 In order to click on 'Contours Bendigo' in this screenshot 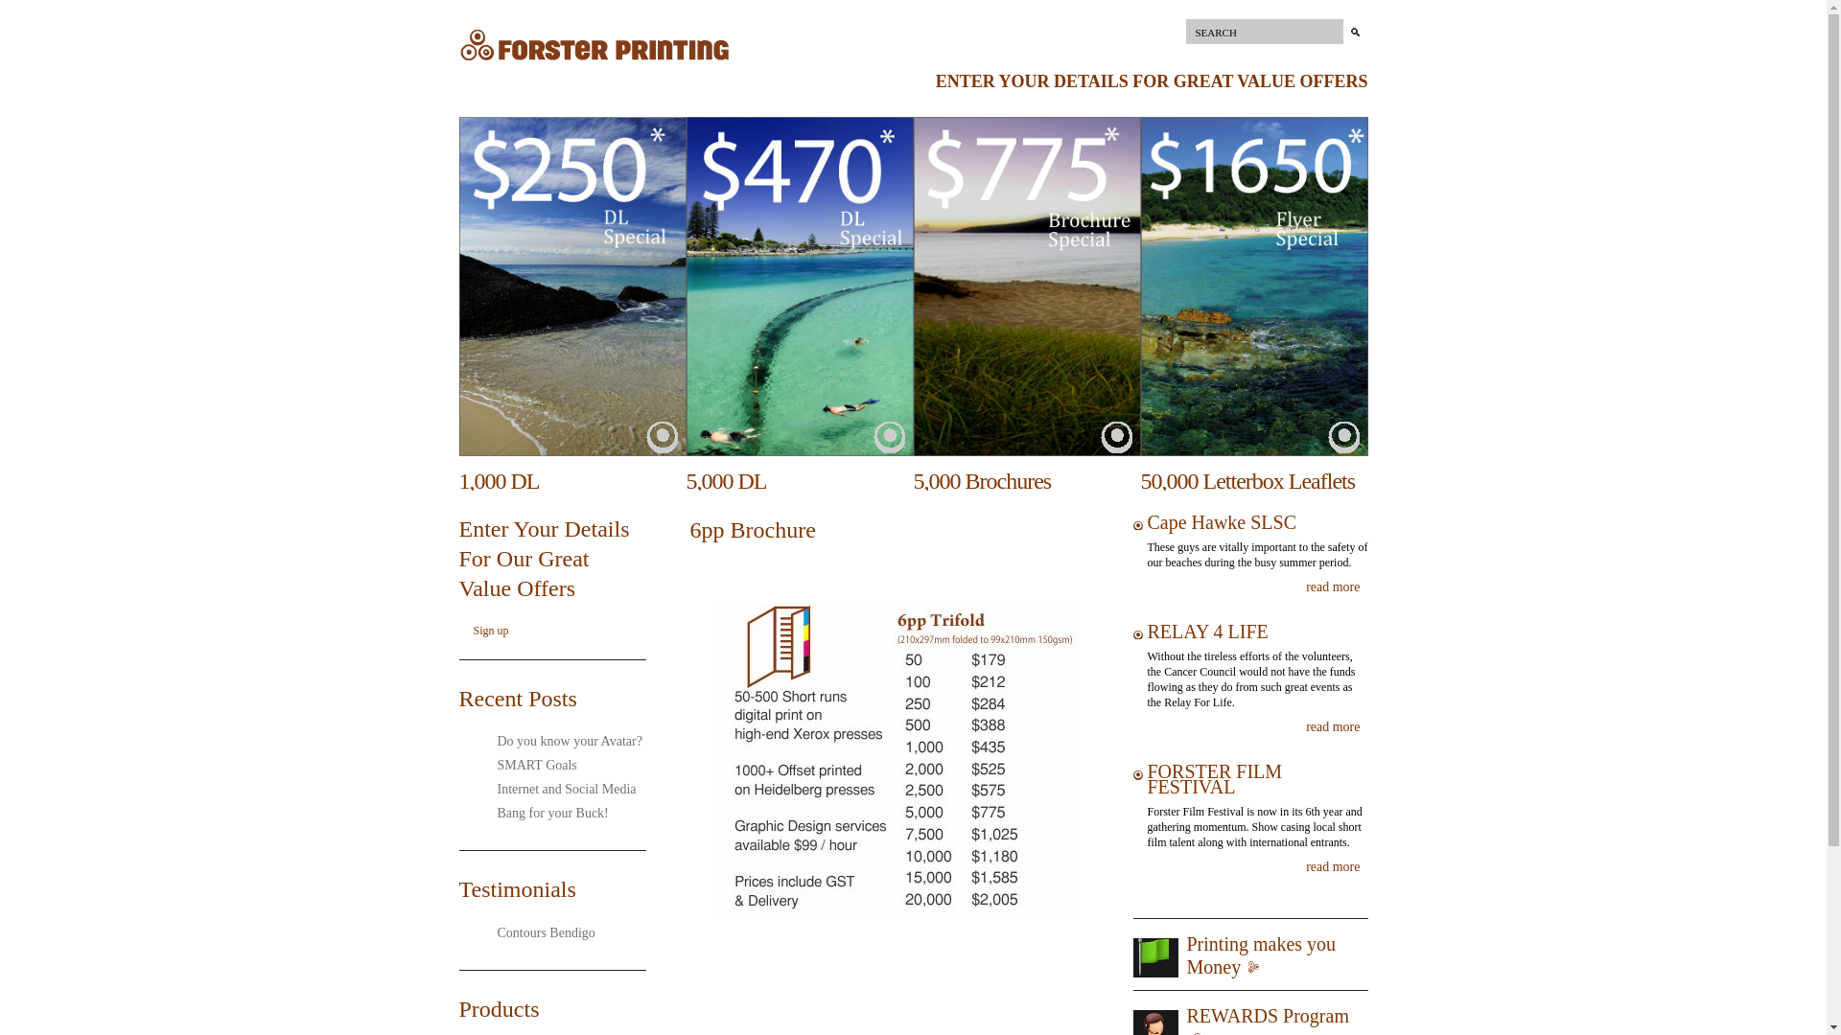, I will do `click(537, 931)`.